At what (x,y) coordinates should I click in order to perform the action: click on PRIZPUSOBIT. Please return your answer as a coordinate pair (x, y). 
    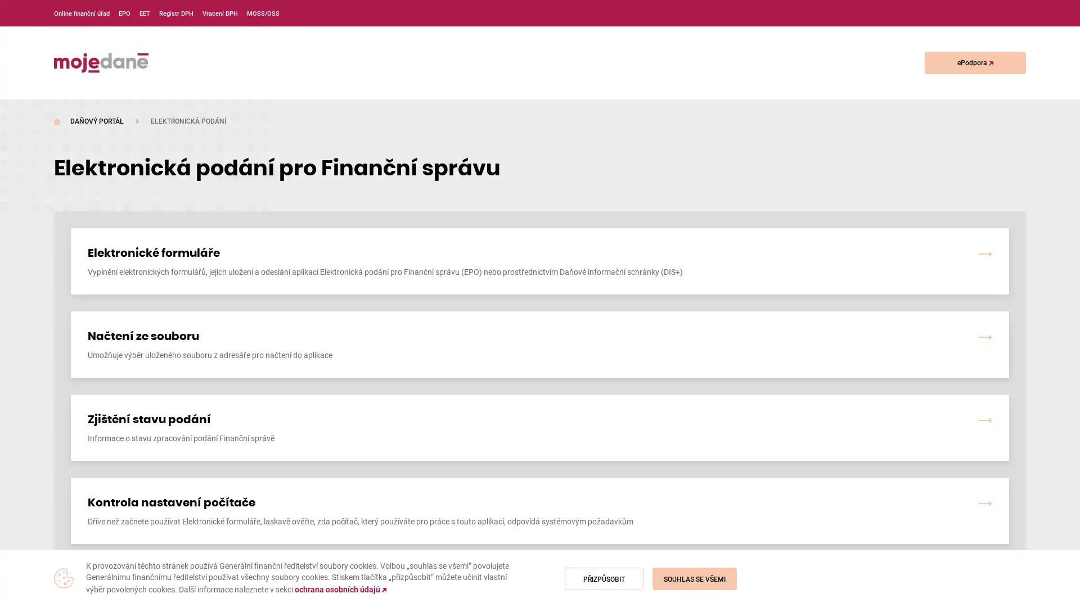
    Looking at the image, I should click on (604, 578).